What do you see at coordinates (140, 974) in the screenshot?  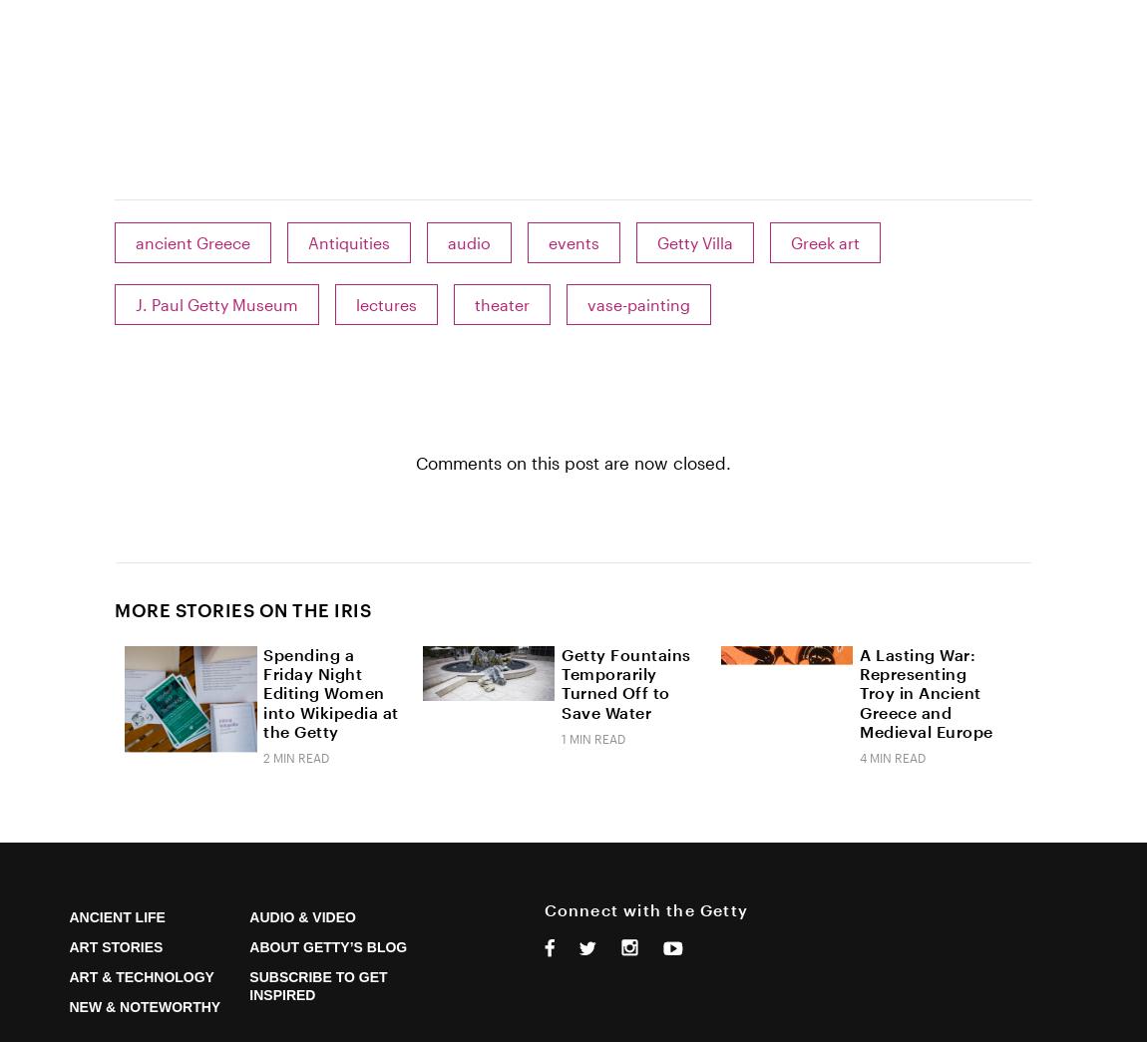 I see `'Art & Technology'` at bounding box center [140, 974].